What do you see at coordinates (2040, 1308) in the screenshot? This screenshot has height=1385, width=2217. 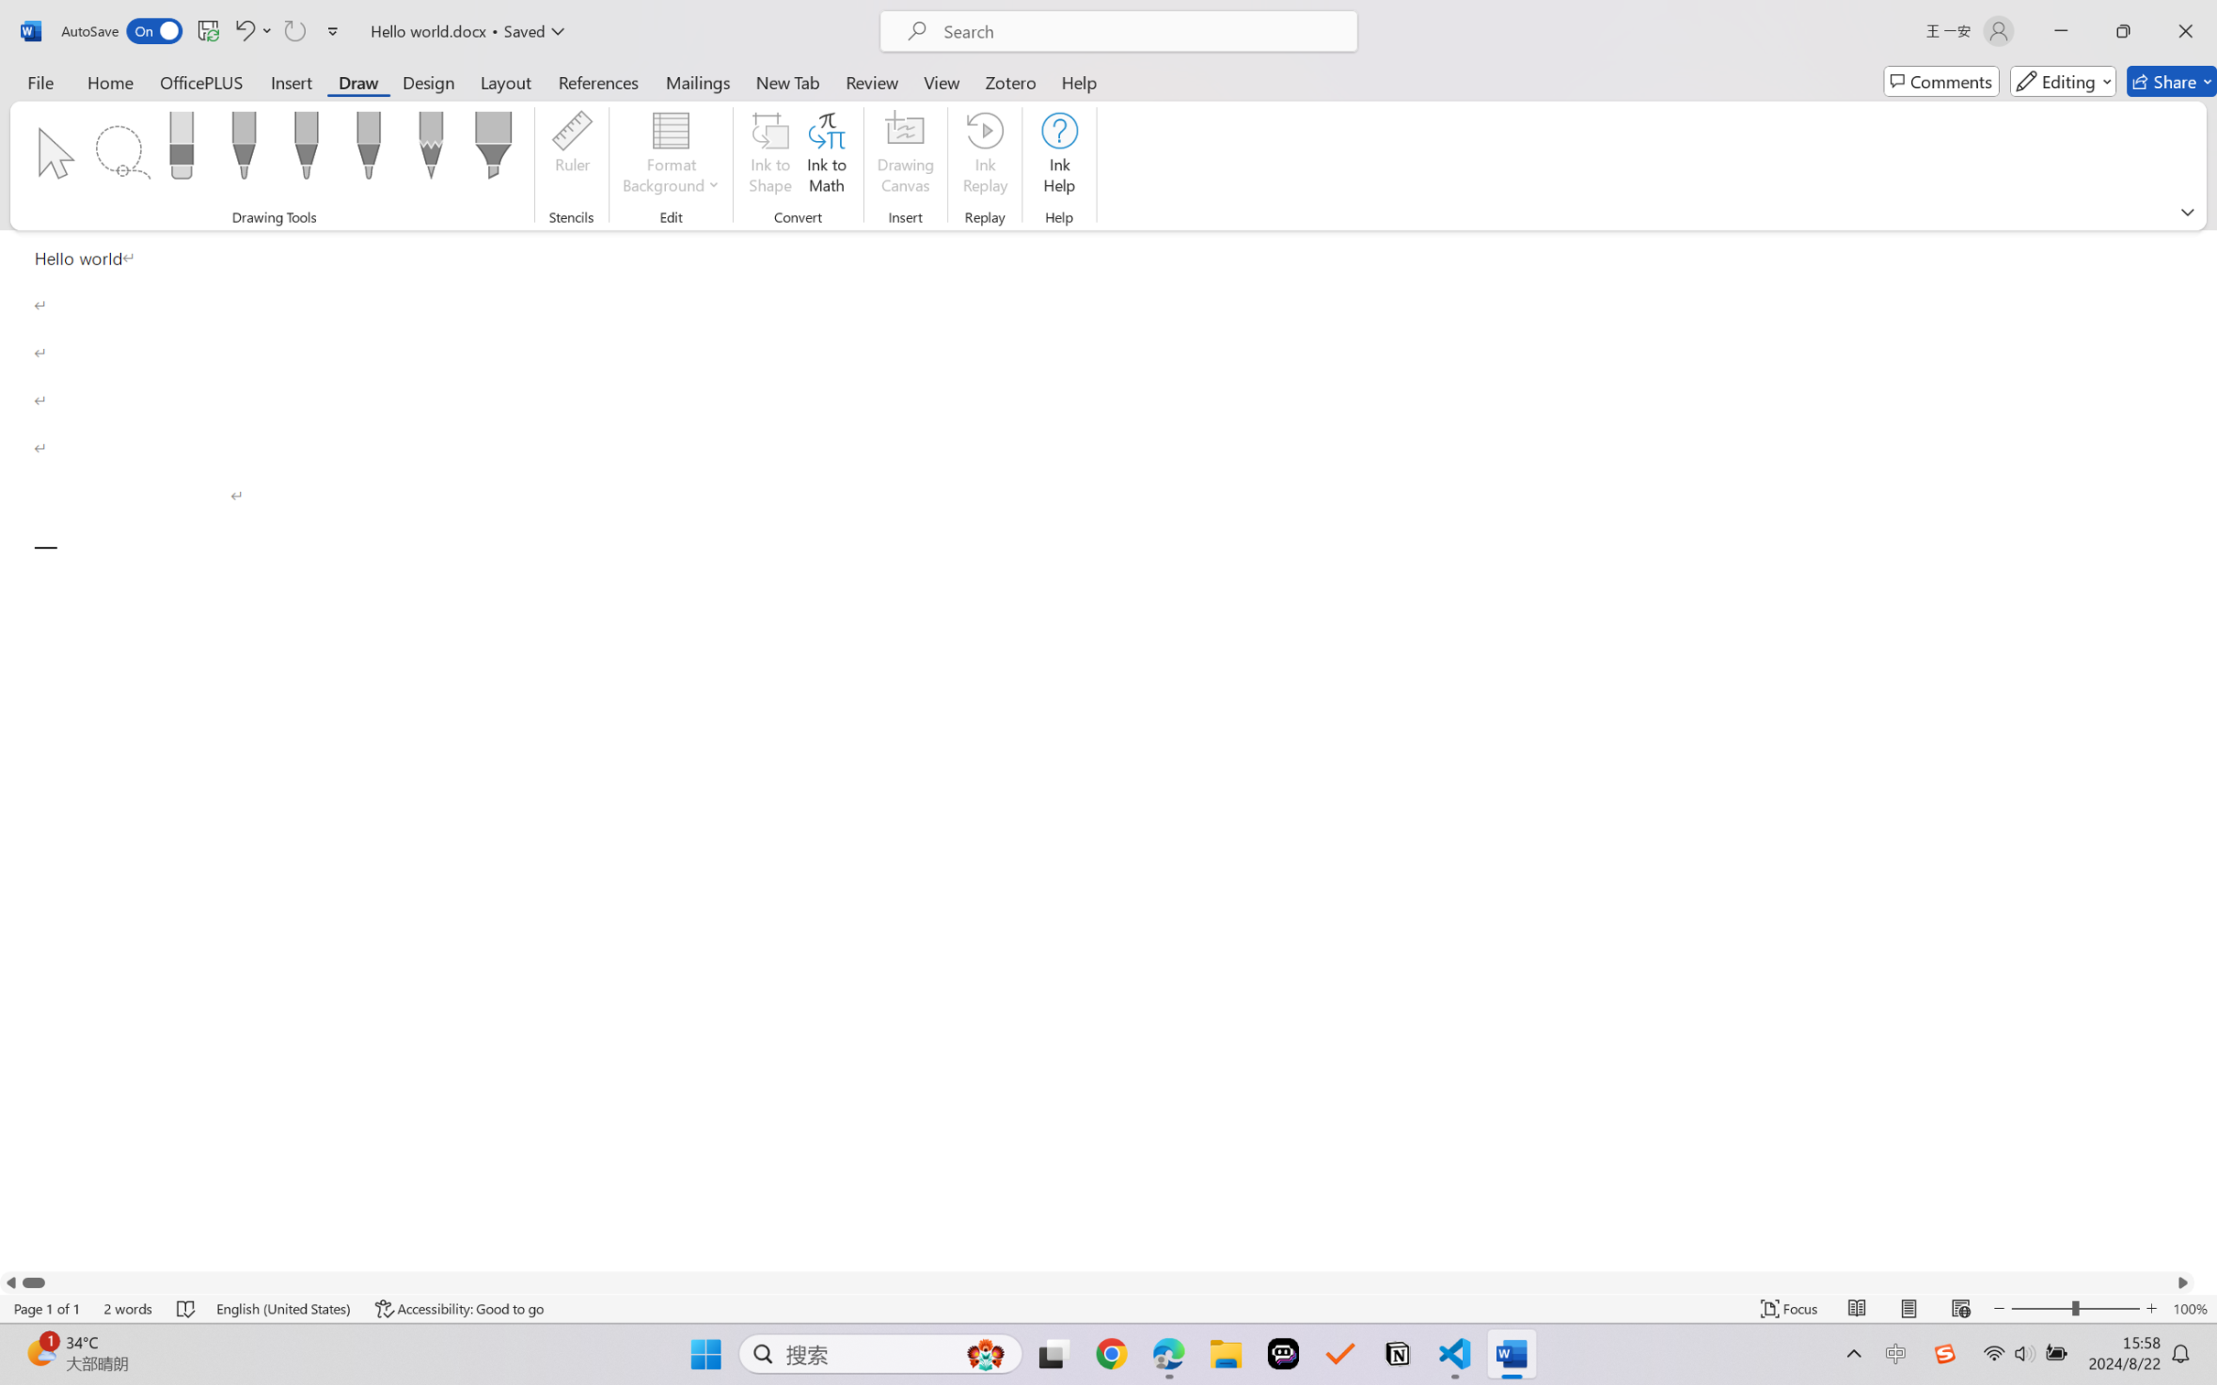 I see `'Zoom Out'` at bounding box center [2040, 1308].